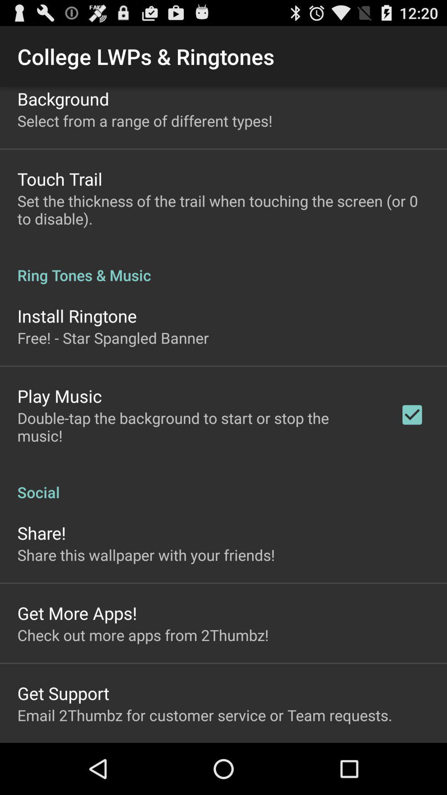 This screenshot has height=795, width=447. Describe the element at coordinates (144, 120) in the screenshot. I see `the select from a item` at that location.